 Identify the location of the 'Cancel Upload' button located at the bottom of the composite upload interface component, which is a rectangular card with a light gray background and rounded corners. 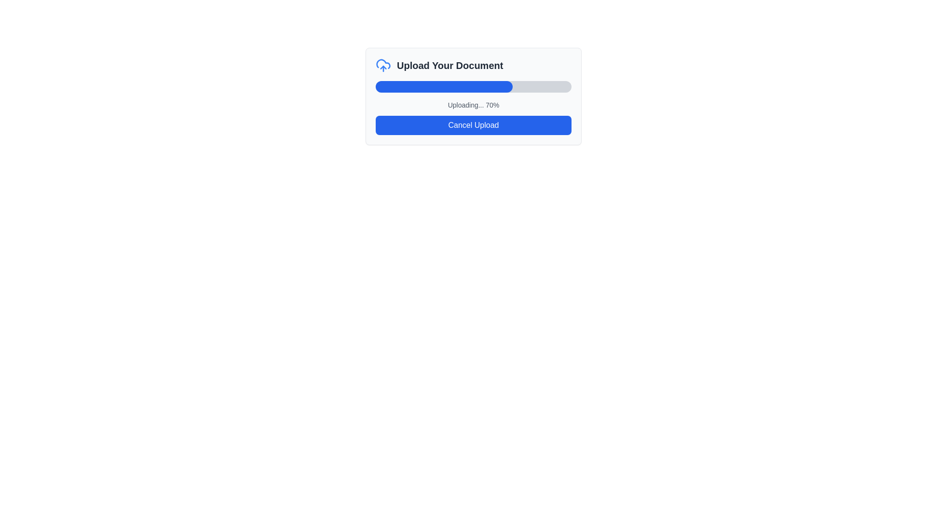
(474, 96).